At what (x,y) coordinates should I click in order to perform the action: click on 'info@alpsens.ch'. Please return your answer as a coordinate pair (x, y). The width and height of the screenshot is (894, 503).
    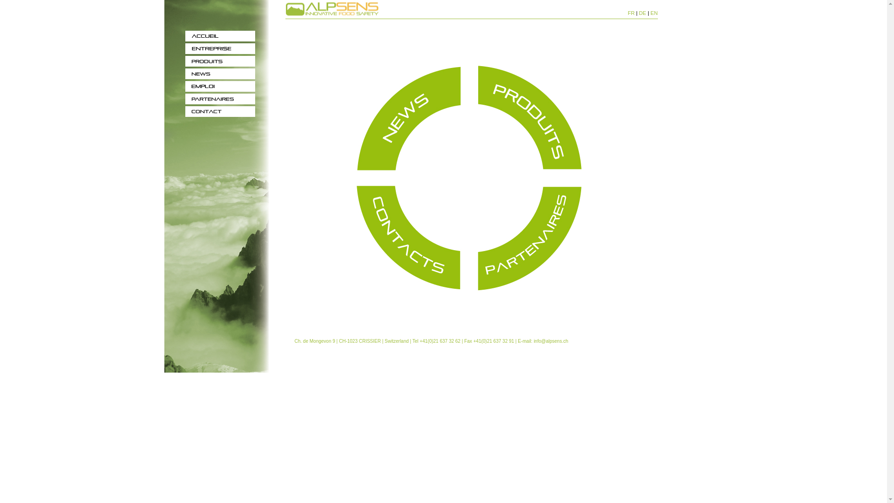
    Looking at the image, I should click on (534, 341).